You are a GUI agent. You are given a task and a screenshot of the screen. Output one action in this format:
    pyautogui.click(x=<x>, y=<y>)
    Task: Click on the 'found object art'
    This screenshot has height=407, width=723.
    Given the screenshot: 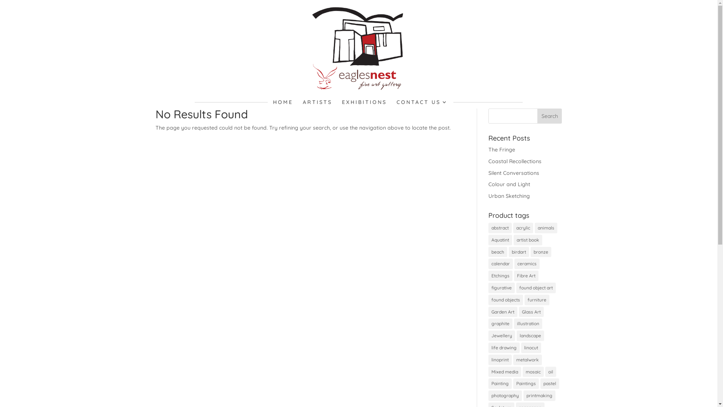 What is the action you would take?
    pyautogui.click(x=516, y=288)
    